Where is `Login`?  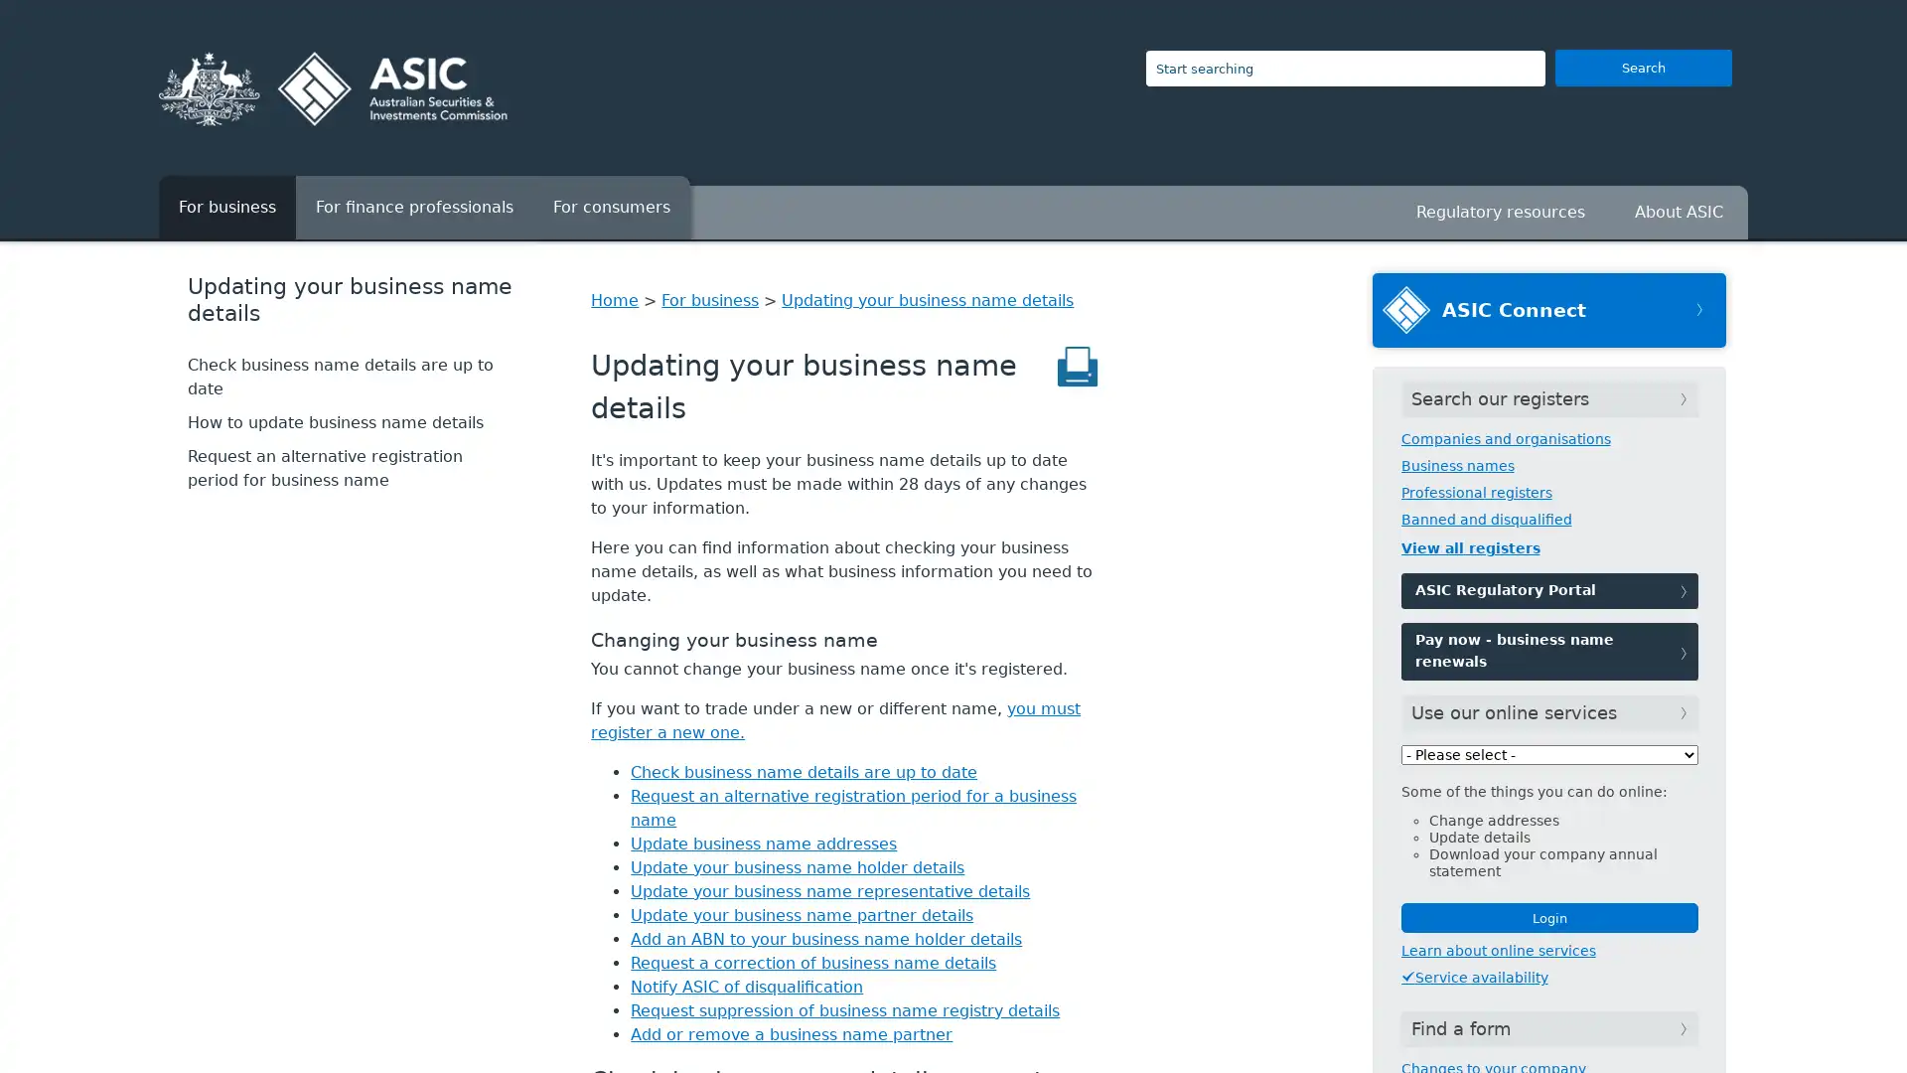 Login is located at coordinates (1547, 918).